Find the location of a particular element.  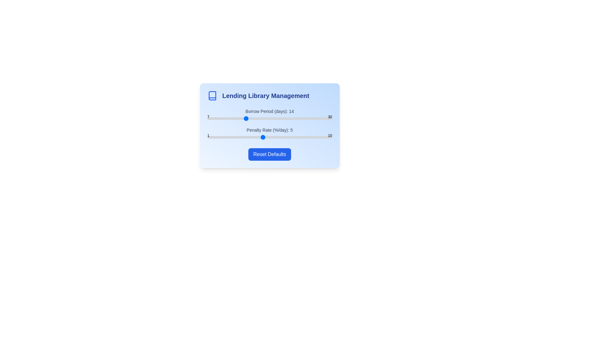

the 'Penalty Rate' slider to set the penalty rate to 1% is located at coordinates (207, 137).